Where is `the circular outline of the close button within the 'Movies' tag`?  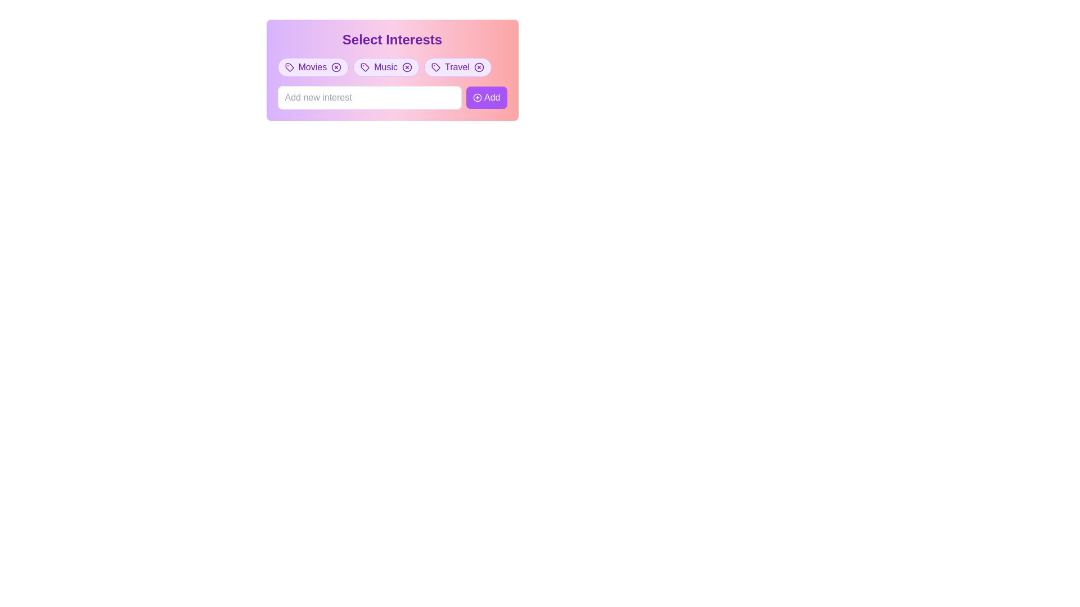 the circular outline of the close button within the 'Movies' tag is located at coordinates (336, 67).